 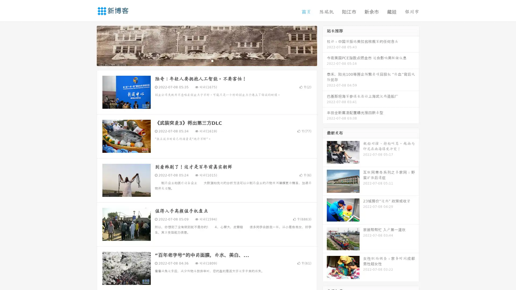 I want to click on Previous slide, so click(x=89, y=45).